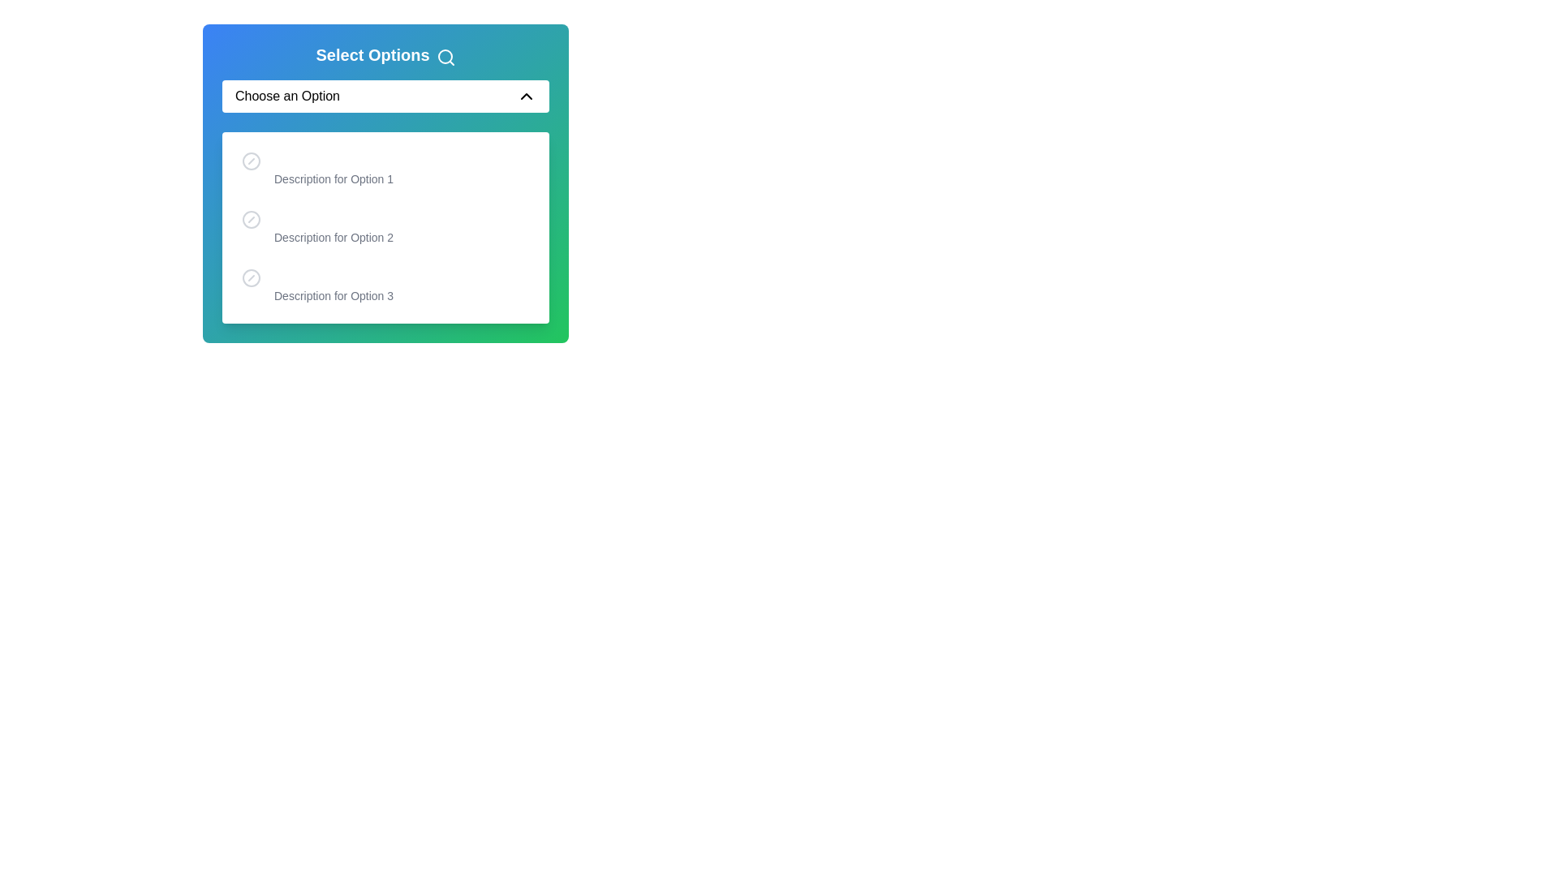 This screenshot has width=1558, height=876. What do you see at coordinates (251, 277) in the screenshot?
I see `the circular icon with a gray border in the third option of the dropdown selection list` at bounding box center [251, 277].